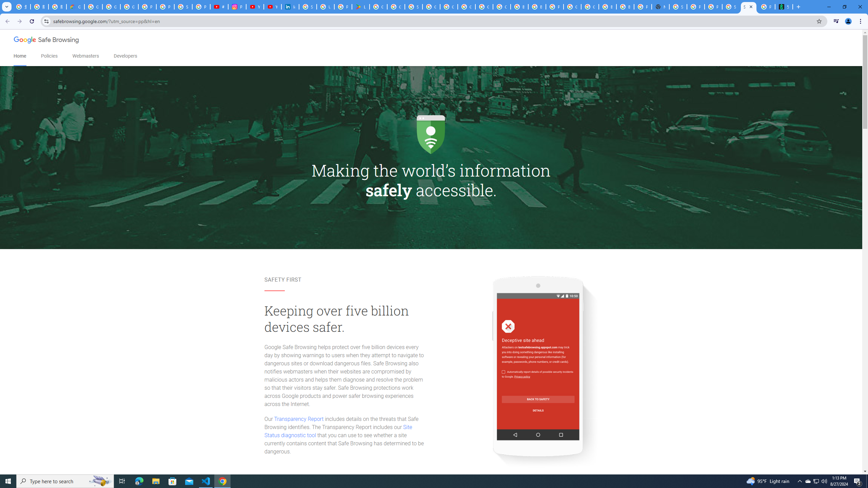 The image size is (868, 488). I want to click on 'Google Workspace - Specific Terms', so click(396, 6).